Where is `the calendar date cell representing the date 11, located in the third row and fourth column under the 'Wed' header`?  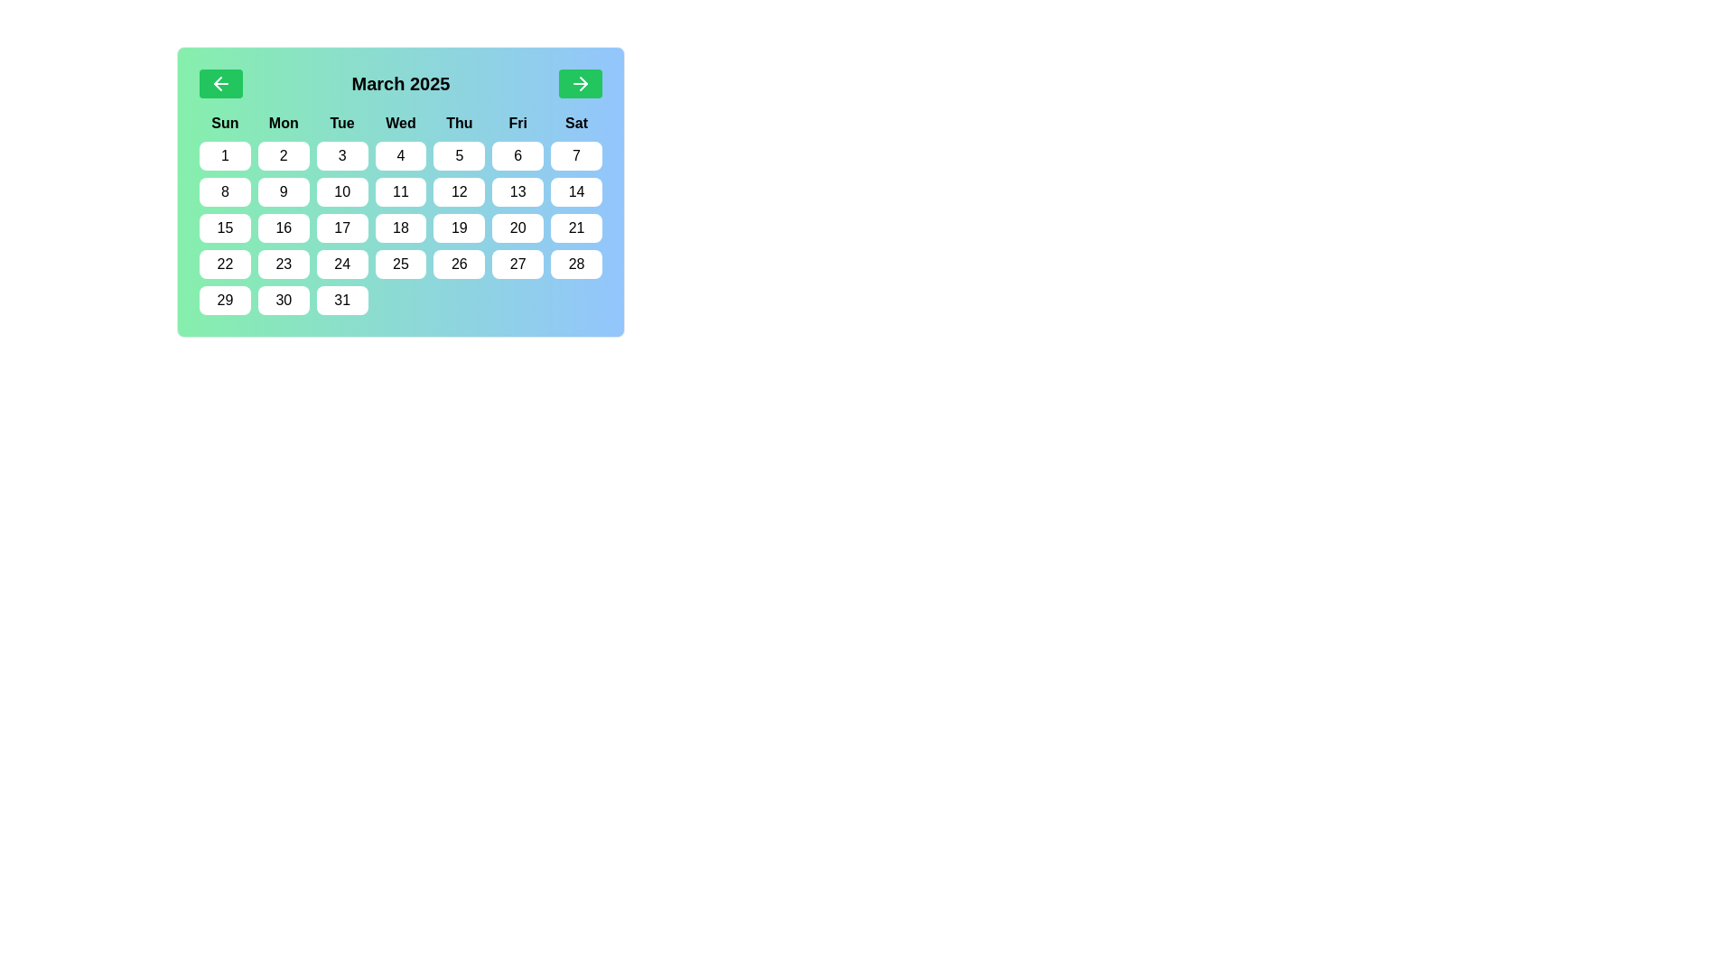 the calendar date cell representing the date 11, located in the third row and fourth column under the 'Wed' header is located at coordinates (399, 191).